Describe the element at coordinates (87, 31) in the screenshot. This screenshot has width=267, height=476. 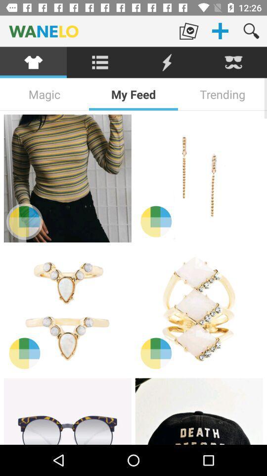
I see `the wanelo icon` at that location.